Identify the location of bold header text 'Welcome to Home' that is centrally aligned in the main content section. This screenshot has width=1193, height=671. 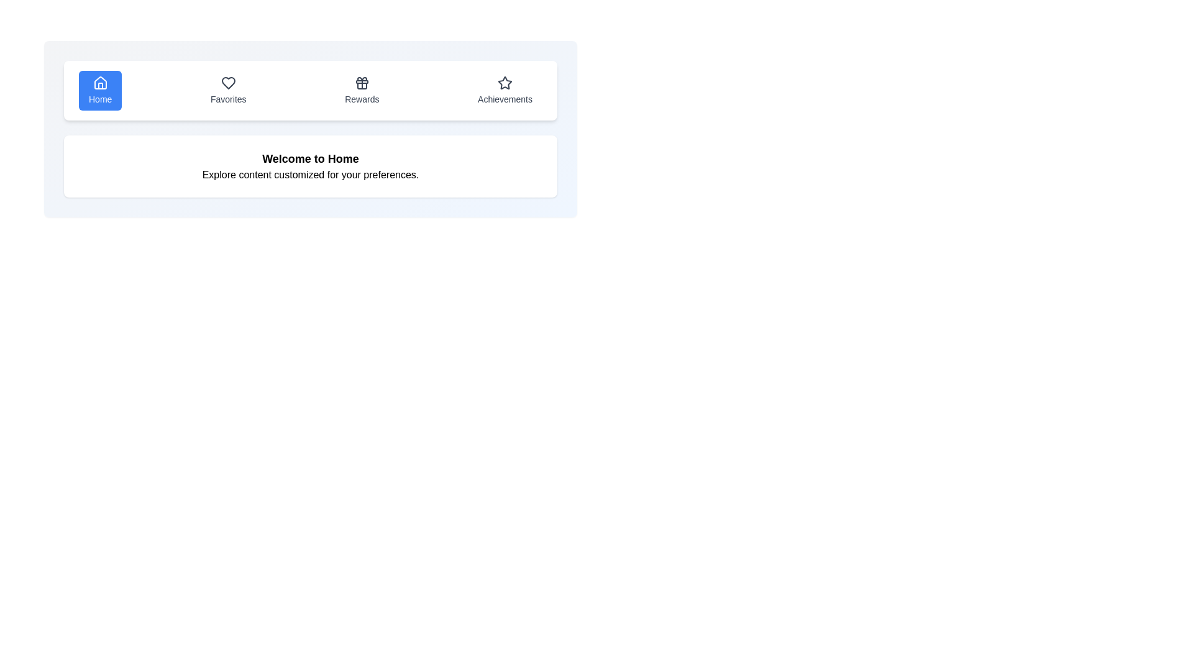
(310, 158).